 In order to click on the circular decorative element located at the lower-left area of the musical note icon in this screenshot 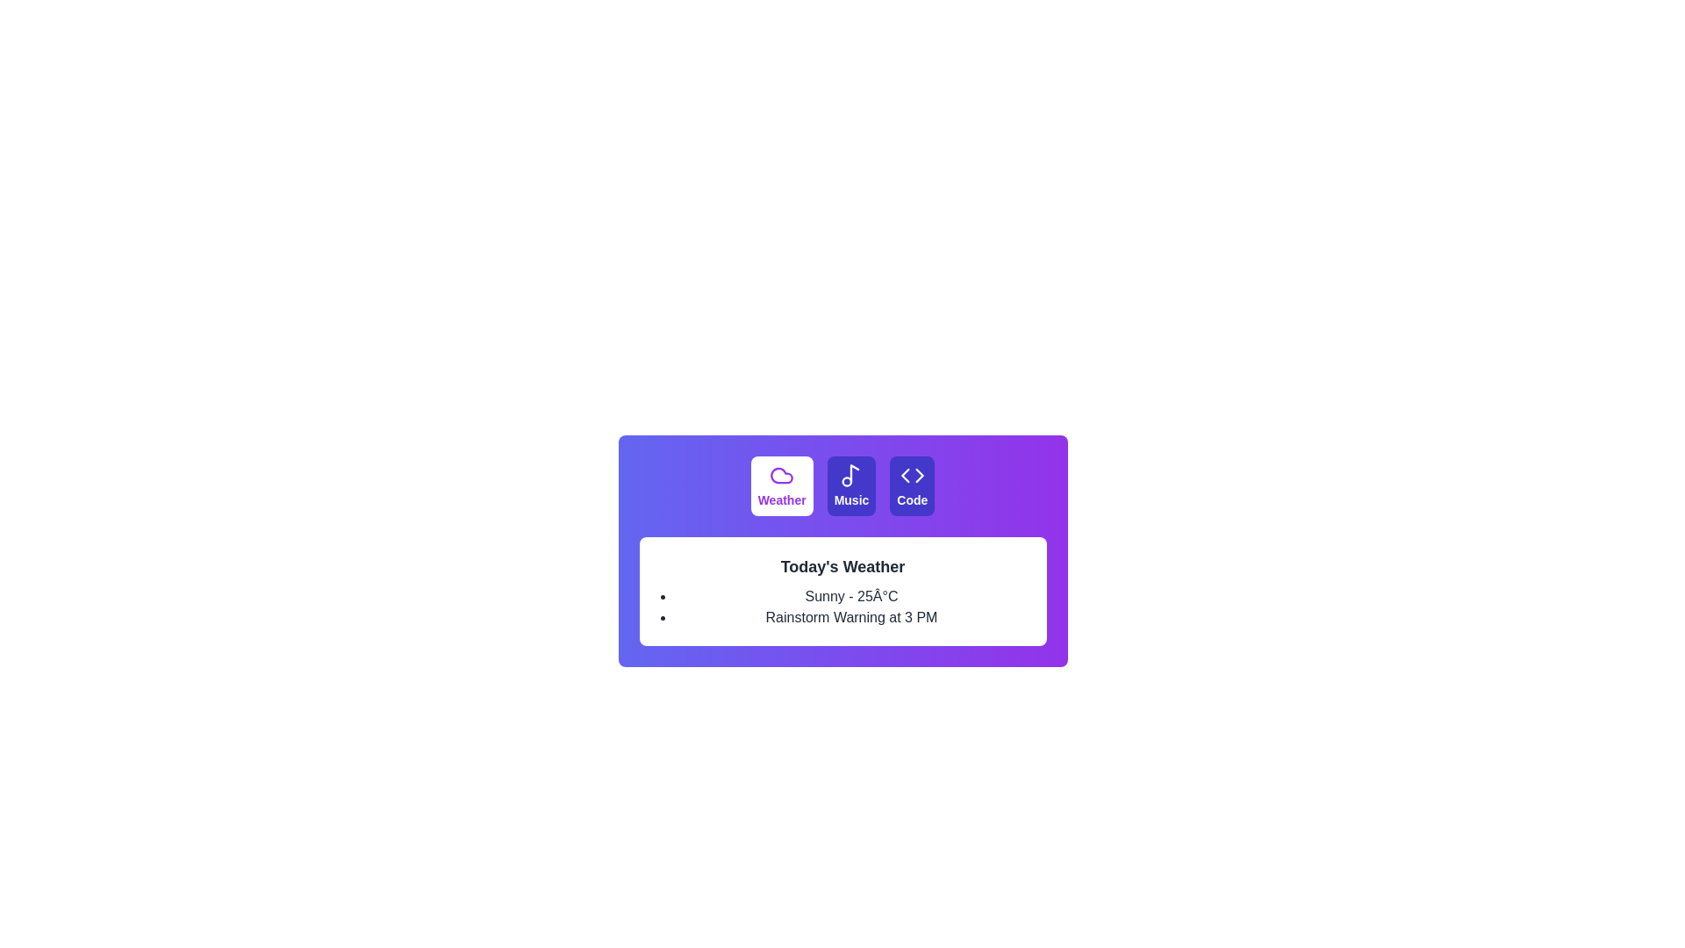, I will do `click(847, 481)`.